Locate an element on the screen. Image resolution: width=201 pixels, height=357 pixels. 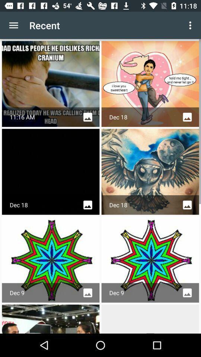
item to the left of the recent icon is located at coordinates (13, 25).